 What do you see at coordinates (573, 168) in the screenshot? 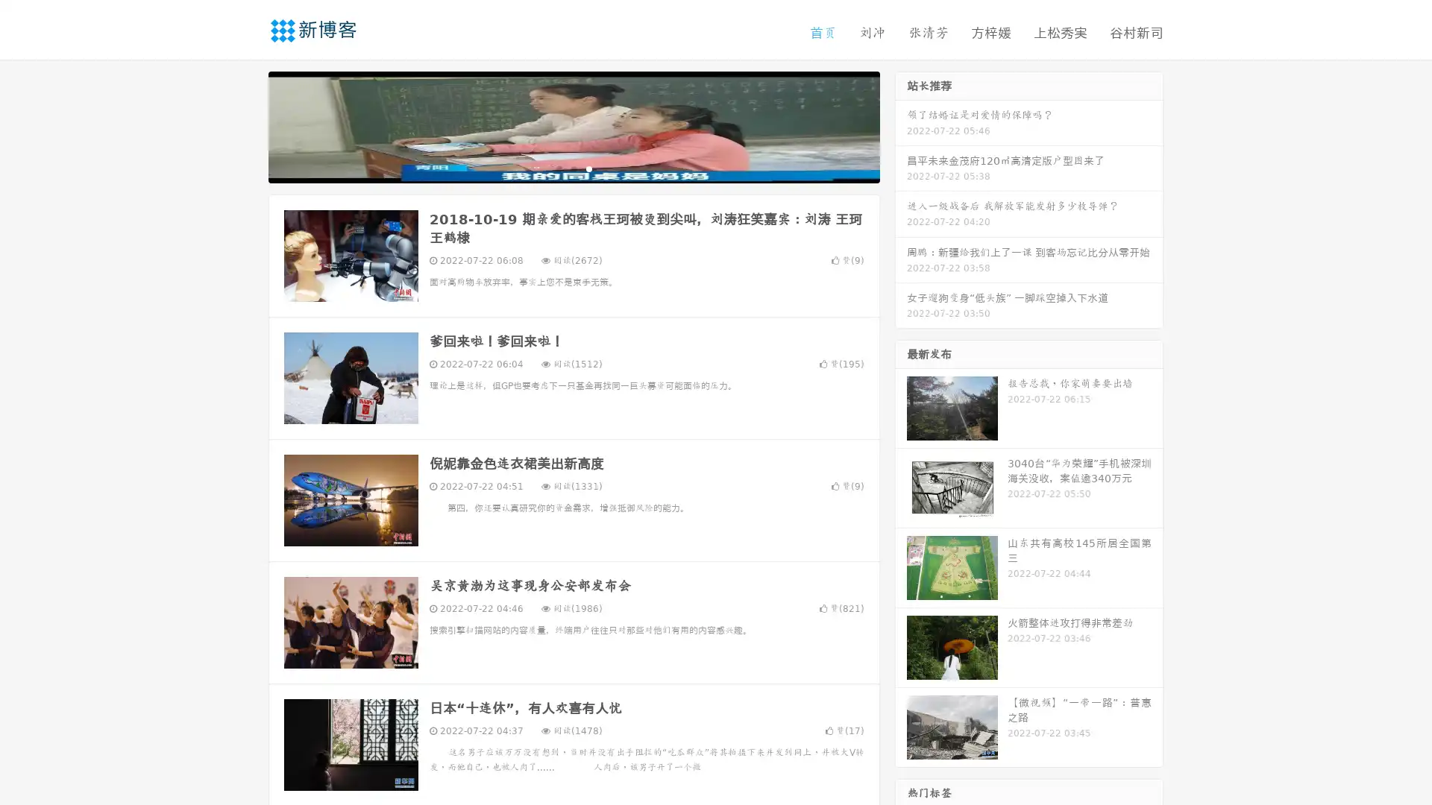
I see `Go to slide 2` at bounding box center [573, 168].